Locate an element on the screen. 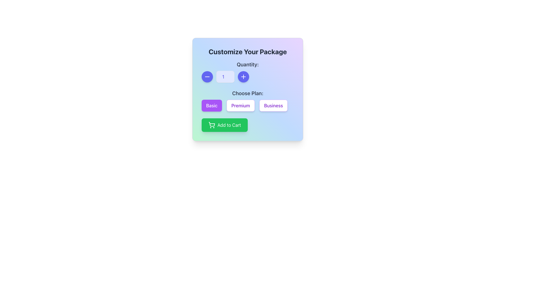 Image resolution: width=543 pixels, height=305 pixels. the cart body within the shopping cart icon, which is part of the green 'Add to Cart' button is located at coordinates (211, 124).